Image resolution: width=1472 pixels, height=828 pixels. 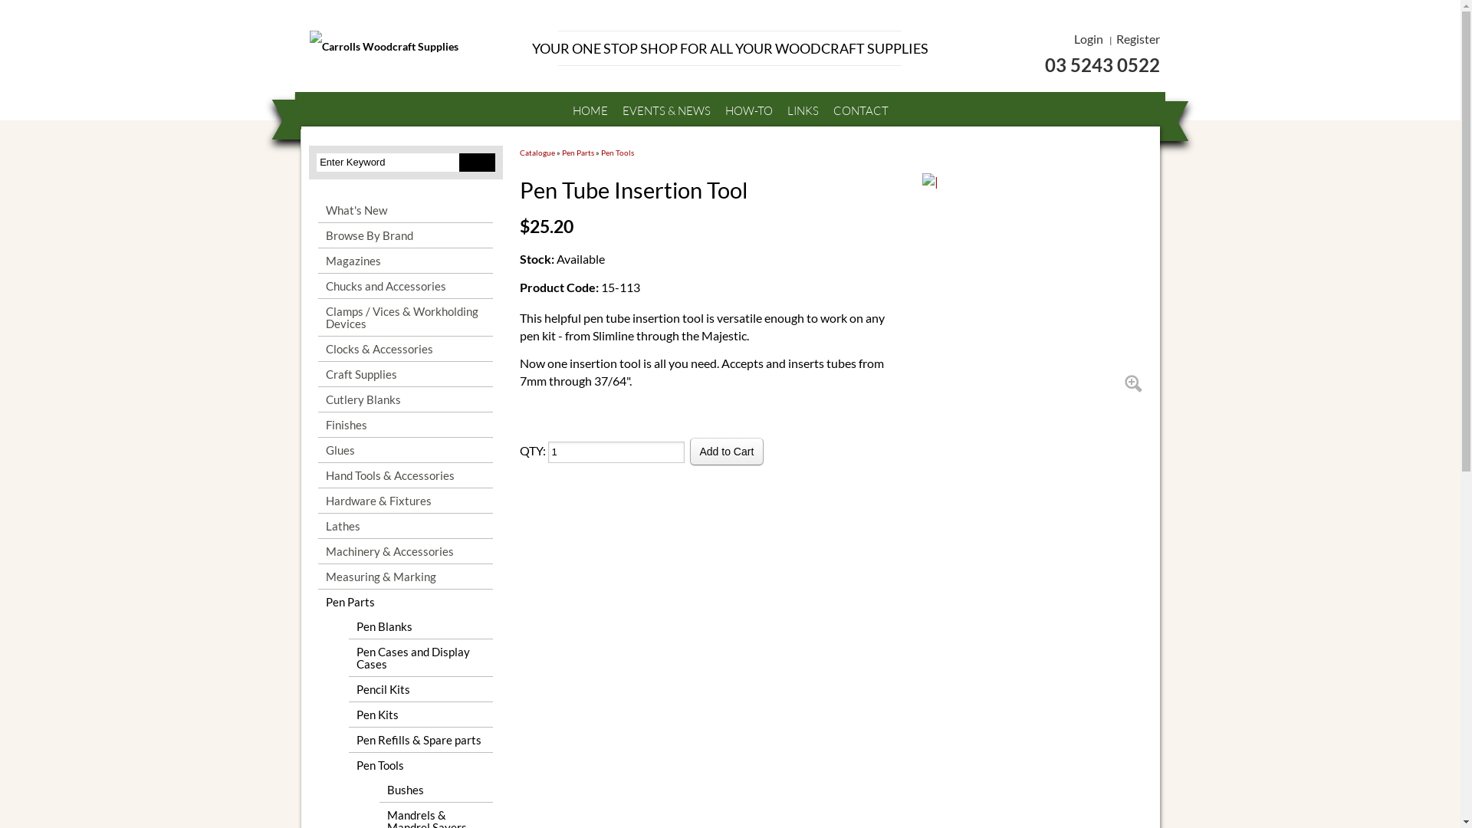 I want to click on 'Cutlery Blanks', so click(x=405, y=398).